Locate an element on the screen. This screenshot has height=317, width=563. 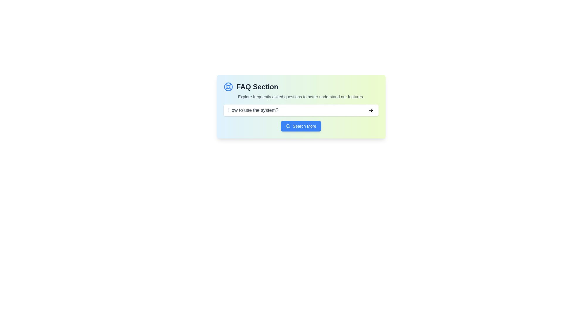
the interactive menu item labeled 'How to use the system?' which features a right-facing arrow is located at coordinates (301, 110).